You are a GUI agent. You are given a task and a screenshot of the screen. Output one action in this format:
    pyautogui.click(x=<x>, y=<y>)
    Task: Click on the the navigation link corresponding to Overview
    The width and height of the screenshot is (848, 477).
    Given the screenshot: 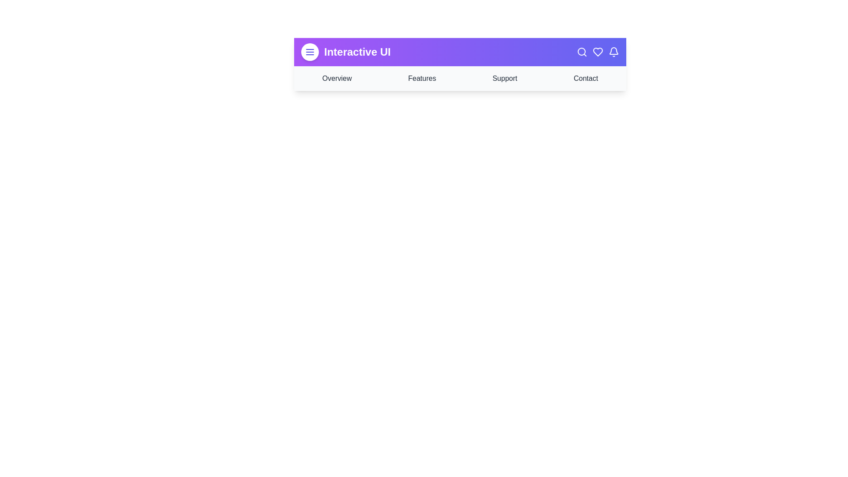 What is the action you would take?
    pyautogui.click(x=337, y=78)
    